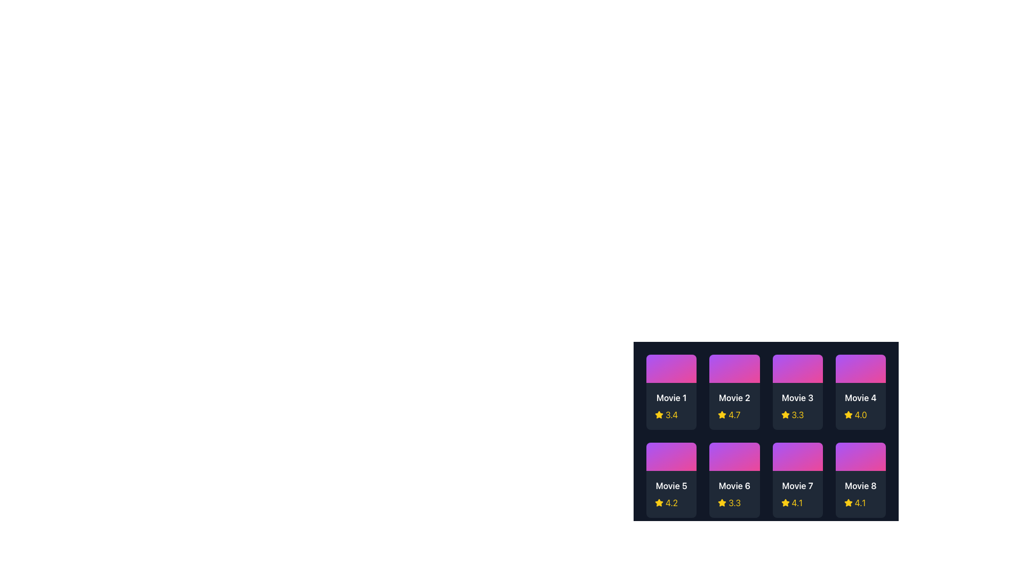  I want to click on the static text label displaying the numerical rating of the second movie in the grid layout, which is positioned immediately to the right of the star icon, so click(734, 414).